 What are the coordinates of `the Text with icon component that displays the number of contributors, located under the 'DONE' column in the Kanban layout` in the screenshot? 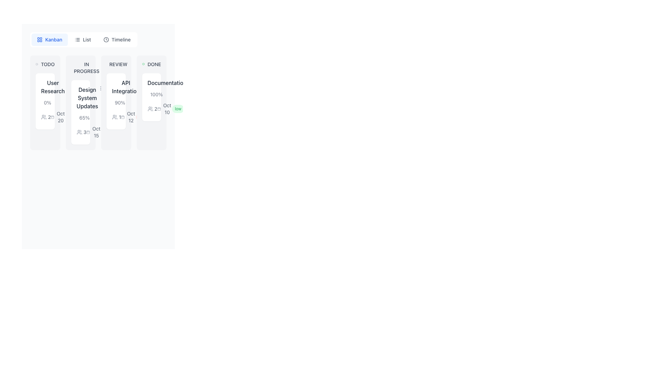 It's located at (152, 108).